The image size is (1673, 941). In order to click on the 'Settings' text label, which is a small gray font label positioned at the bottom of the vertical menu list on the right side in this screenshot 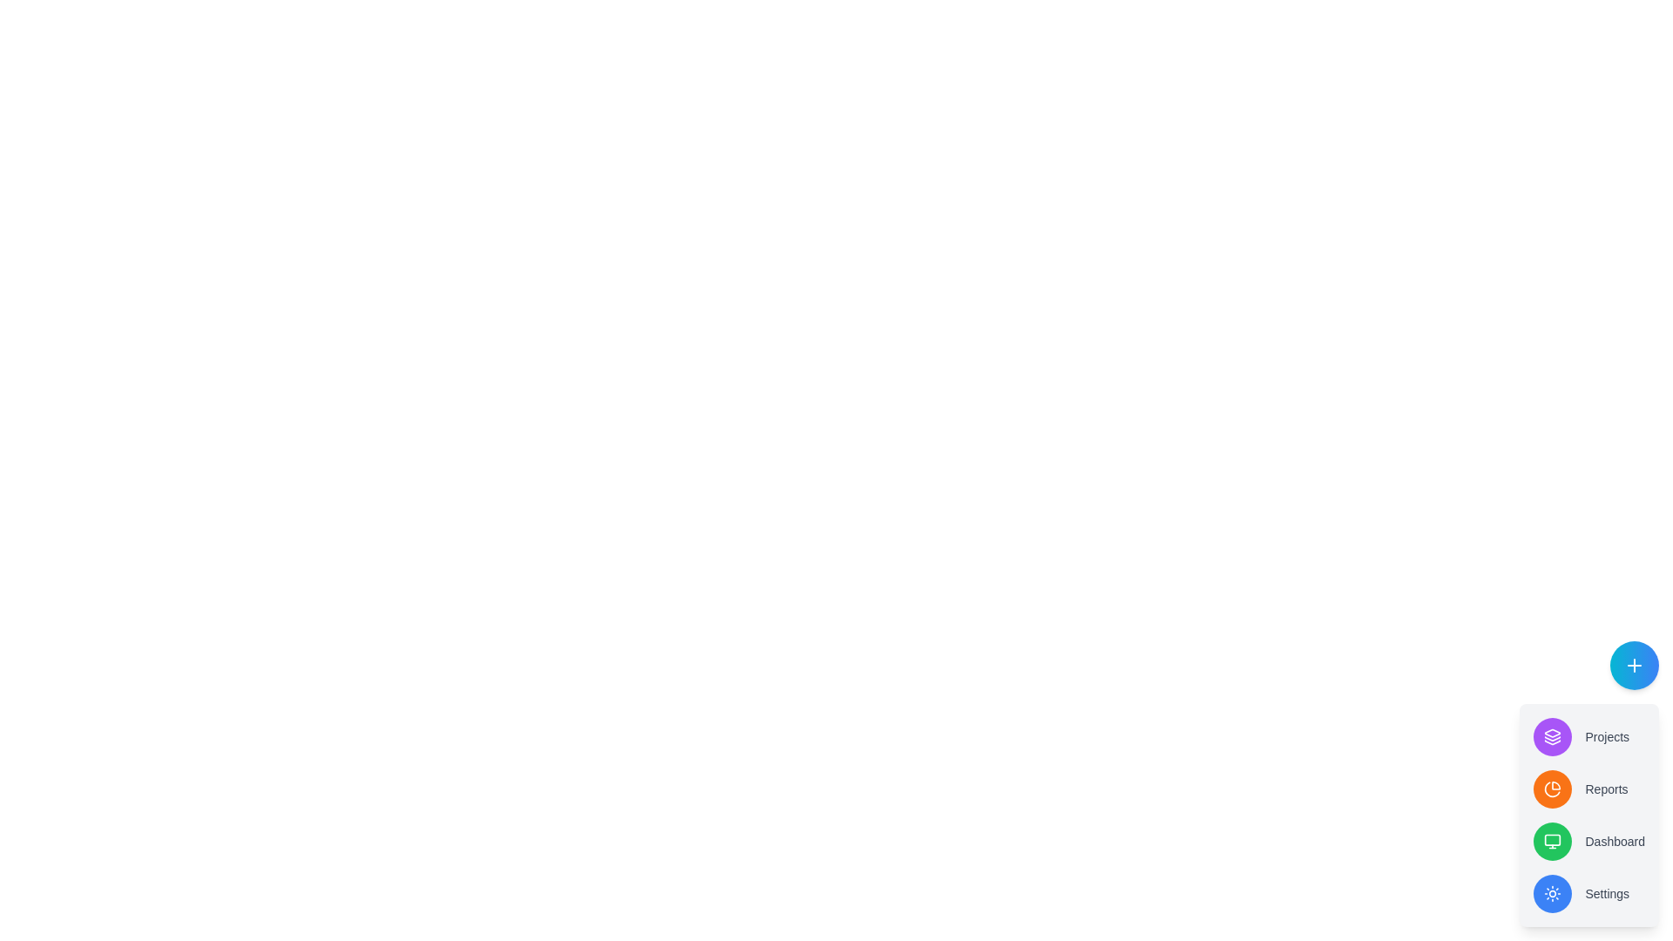, I will do `click(1606, 894)`.